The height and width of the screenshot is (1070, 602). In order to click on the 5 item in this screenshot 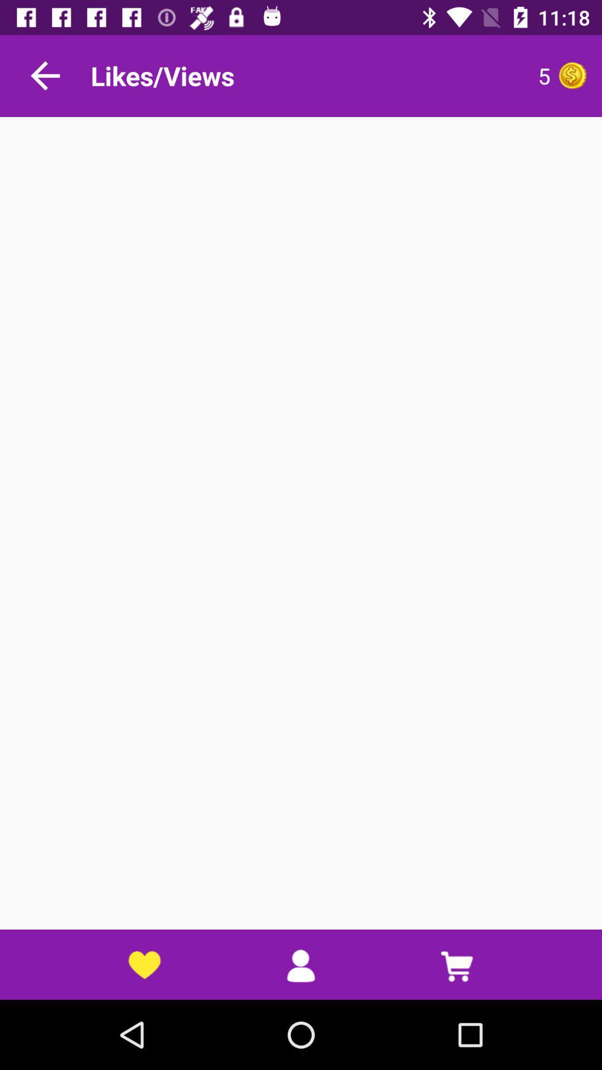, I will do `click(443, 75)`.